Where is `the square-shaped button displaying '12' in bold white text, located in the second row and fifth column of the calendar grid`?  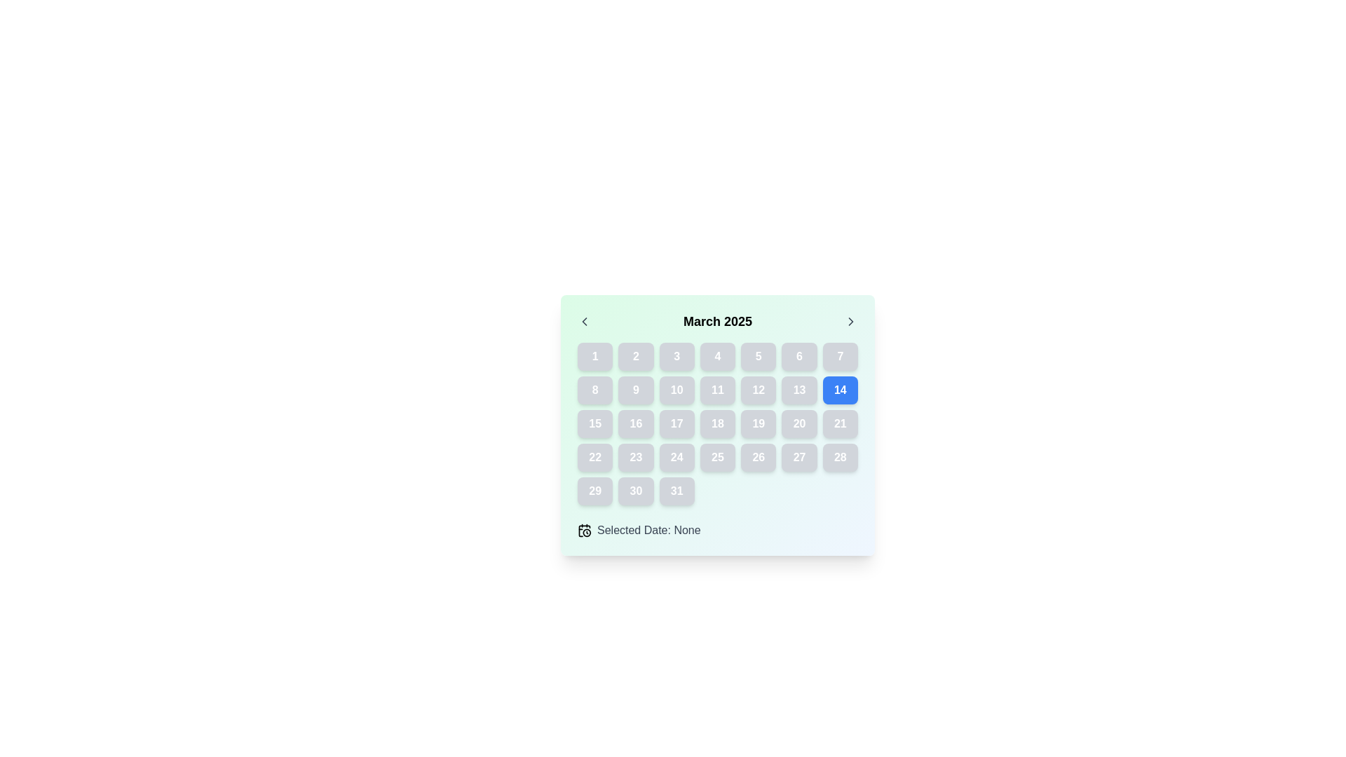 the square-shaped button displaying '12' in bold white text, located in the second row and fifth column of the calendar grid is located at coordinates (758, 390).